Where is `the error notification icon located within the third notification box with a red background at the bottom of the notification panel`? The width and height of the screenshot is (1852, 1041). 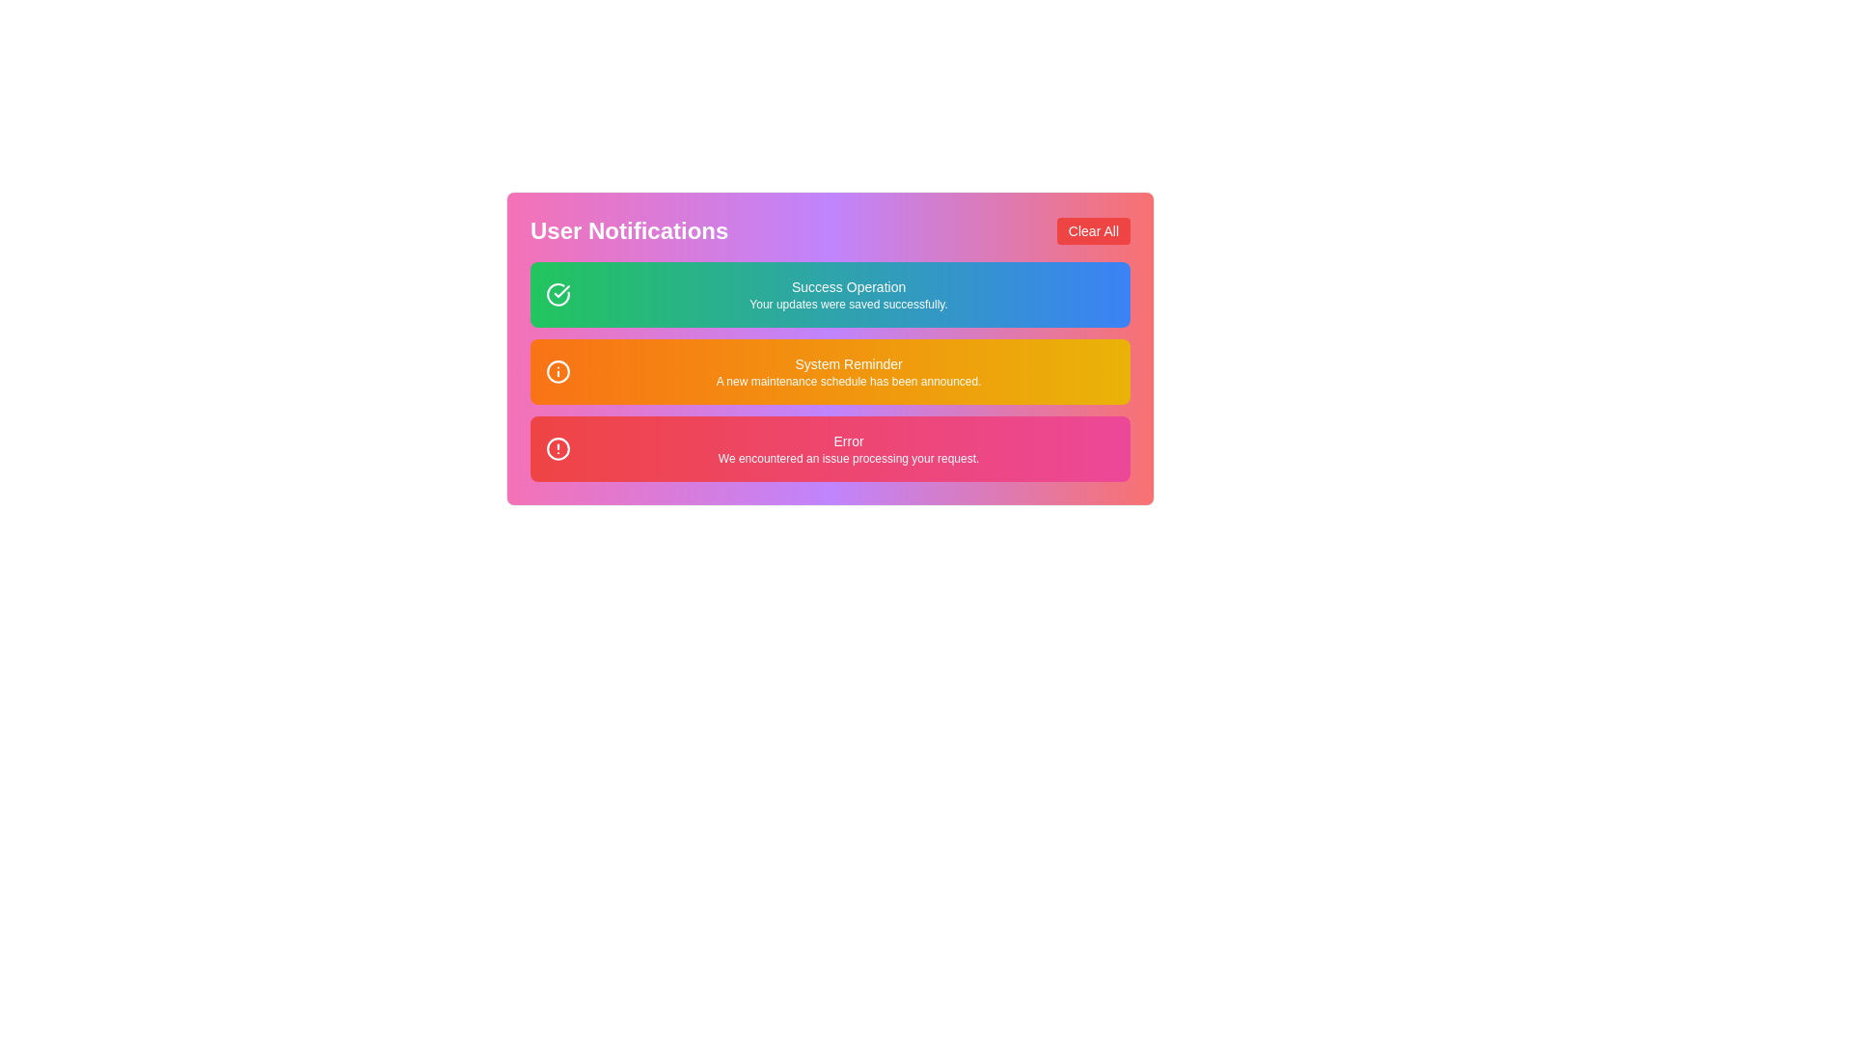
the error notification icon located within the third notification box with a red background at the bottom of the notification panel is located at coordinates (558, 449).